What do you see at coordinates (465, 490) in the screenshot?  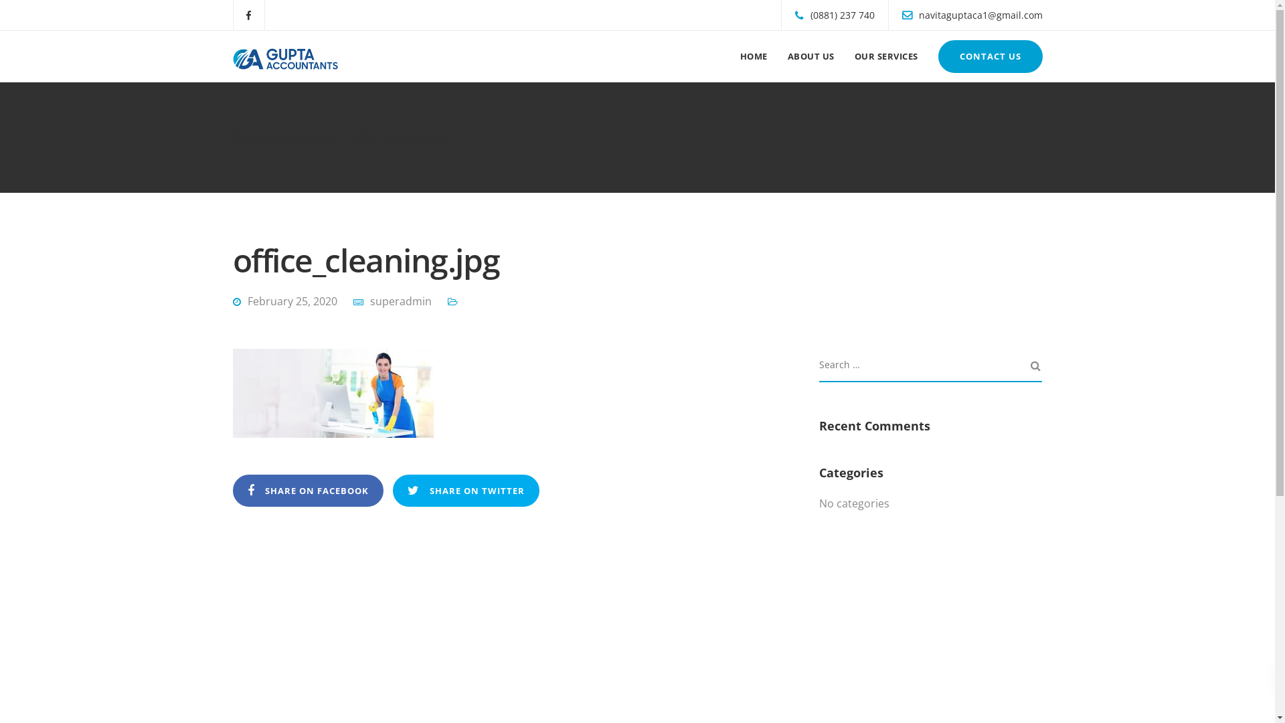 I see `'SHARE ON TWITTER'` at bounding box center [465, 490].